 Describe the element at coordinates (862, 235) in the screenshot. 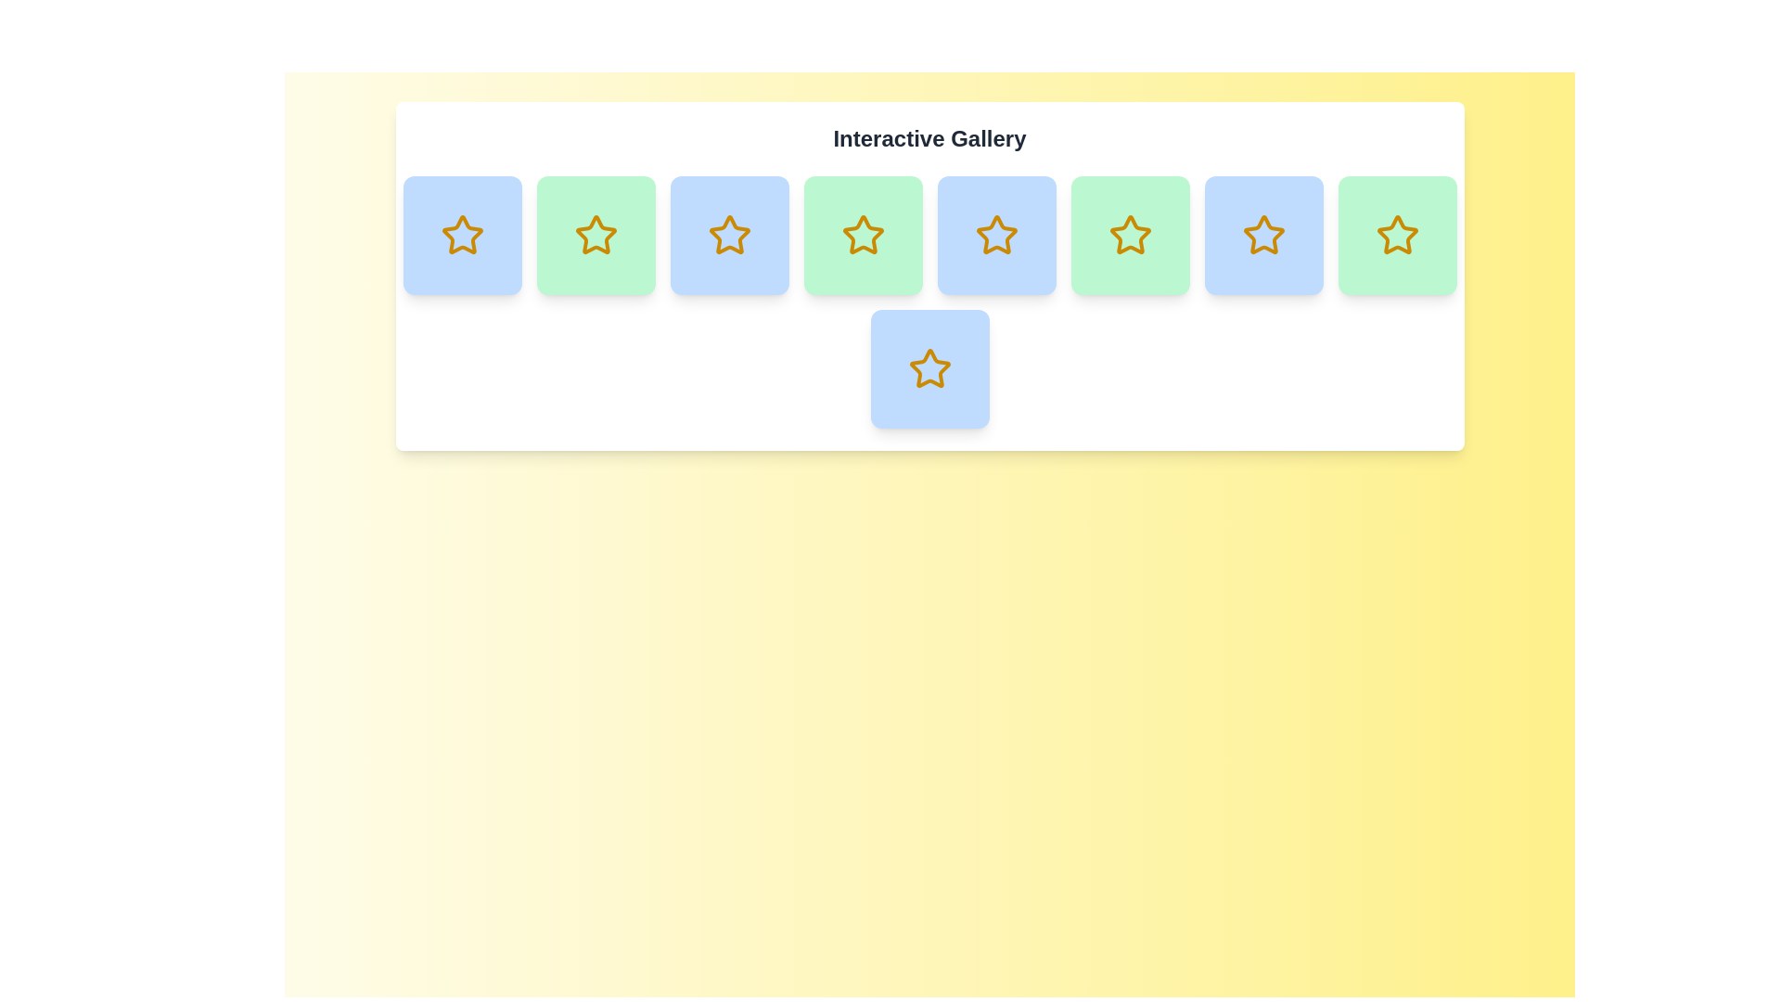

I see `the decorative star icon located at the fourth position in the horizontal sequence of square containers within a slightly rounded green square` at that location.